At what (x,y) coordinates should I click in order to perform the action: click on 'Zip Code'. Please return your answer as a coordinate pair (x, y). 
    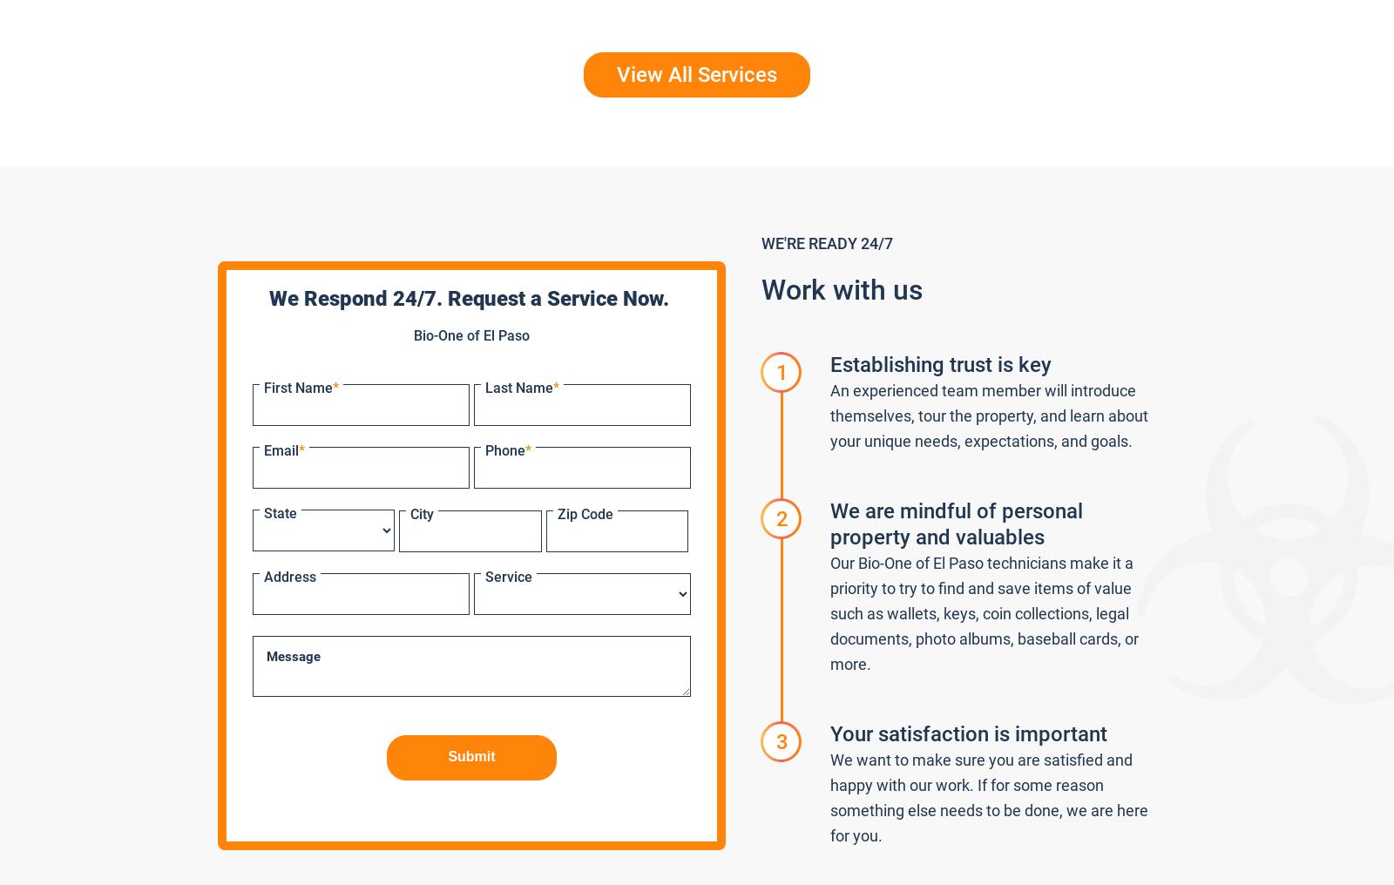
    Looking at the image, I should click on (585, 513).